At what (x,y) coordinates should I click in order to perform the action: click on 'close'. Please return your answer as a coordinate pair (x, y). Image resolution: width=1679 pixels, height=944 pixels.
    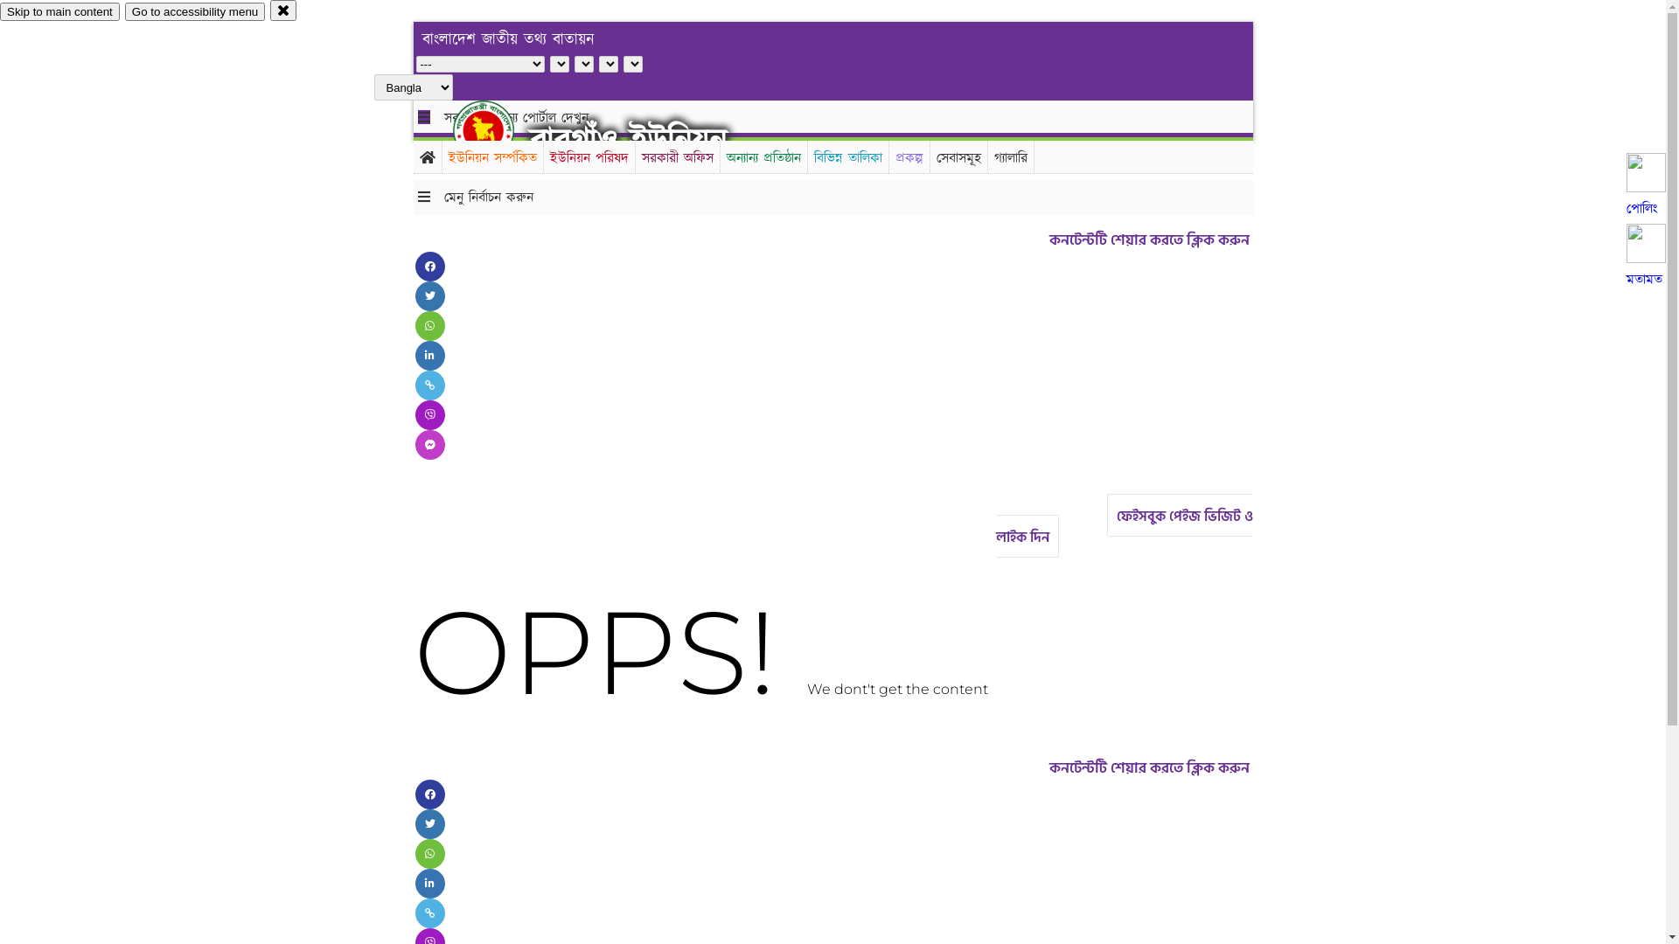
    Looking at the image, I should click on (283, 10).